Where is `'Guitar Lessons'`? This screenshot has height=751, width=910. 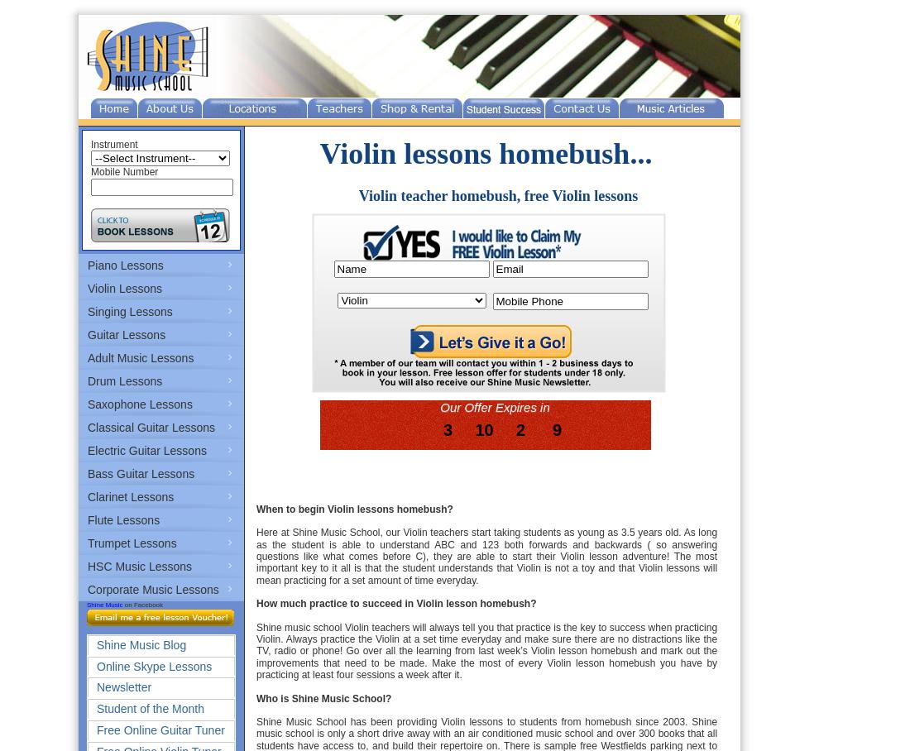
'Guitar Lessons' is located at coordinates (88, 333).